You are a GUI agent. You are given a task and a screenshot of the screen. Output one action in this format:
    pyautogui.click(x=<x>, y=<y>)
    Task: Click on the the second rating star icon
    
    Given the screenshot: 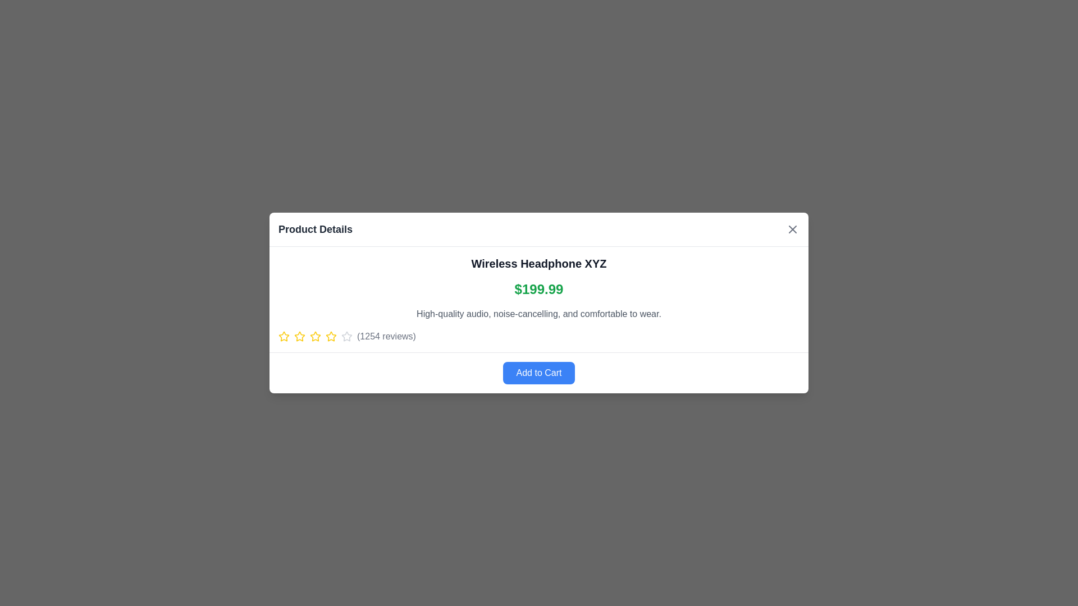 What is the action you would take?
    pyautogui.click(x=314, y=336)
    